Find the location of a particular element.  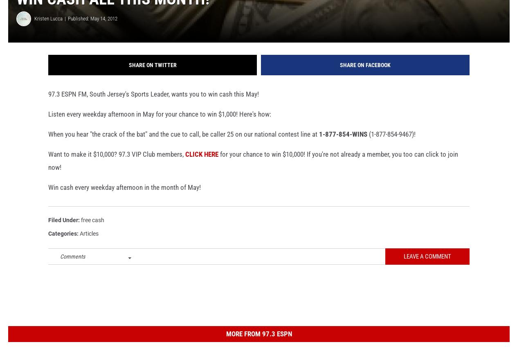

'Share on Twitter' is located at coordinates (152, 78).